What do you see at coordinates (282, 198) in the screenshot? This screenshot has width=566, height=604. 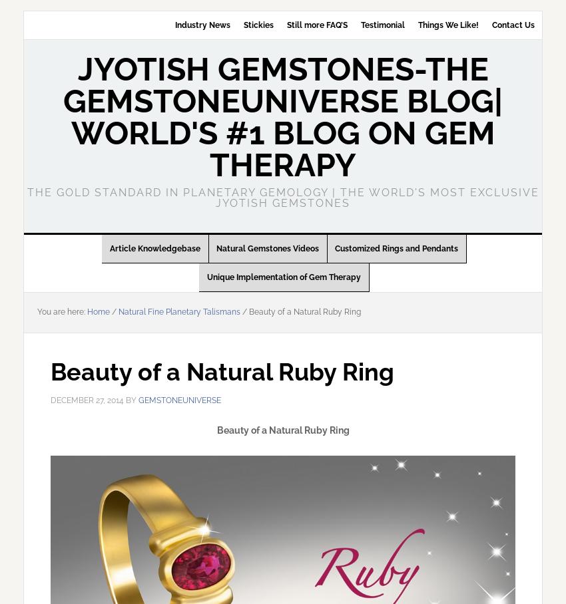 I see `'The Gold Standard in Planetary Gemology | The World's Most Exclusive Jyotish Gemstones'` at bounding box center [282, 198].